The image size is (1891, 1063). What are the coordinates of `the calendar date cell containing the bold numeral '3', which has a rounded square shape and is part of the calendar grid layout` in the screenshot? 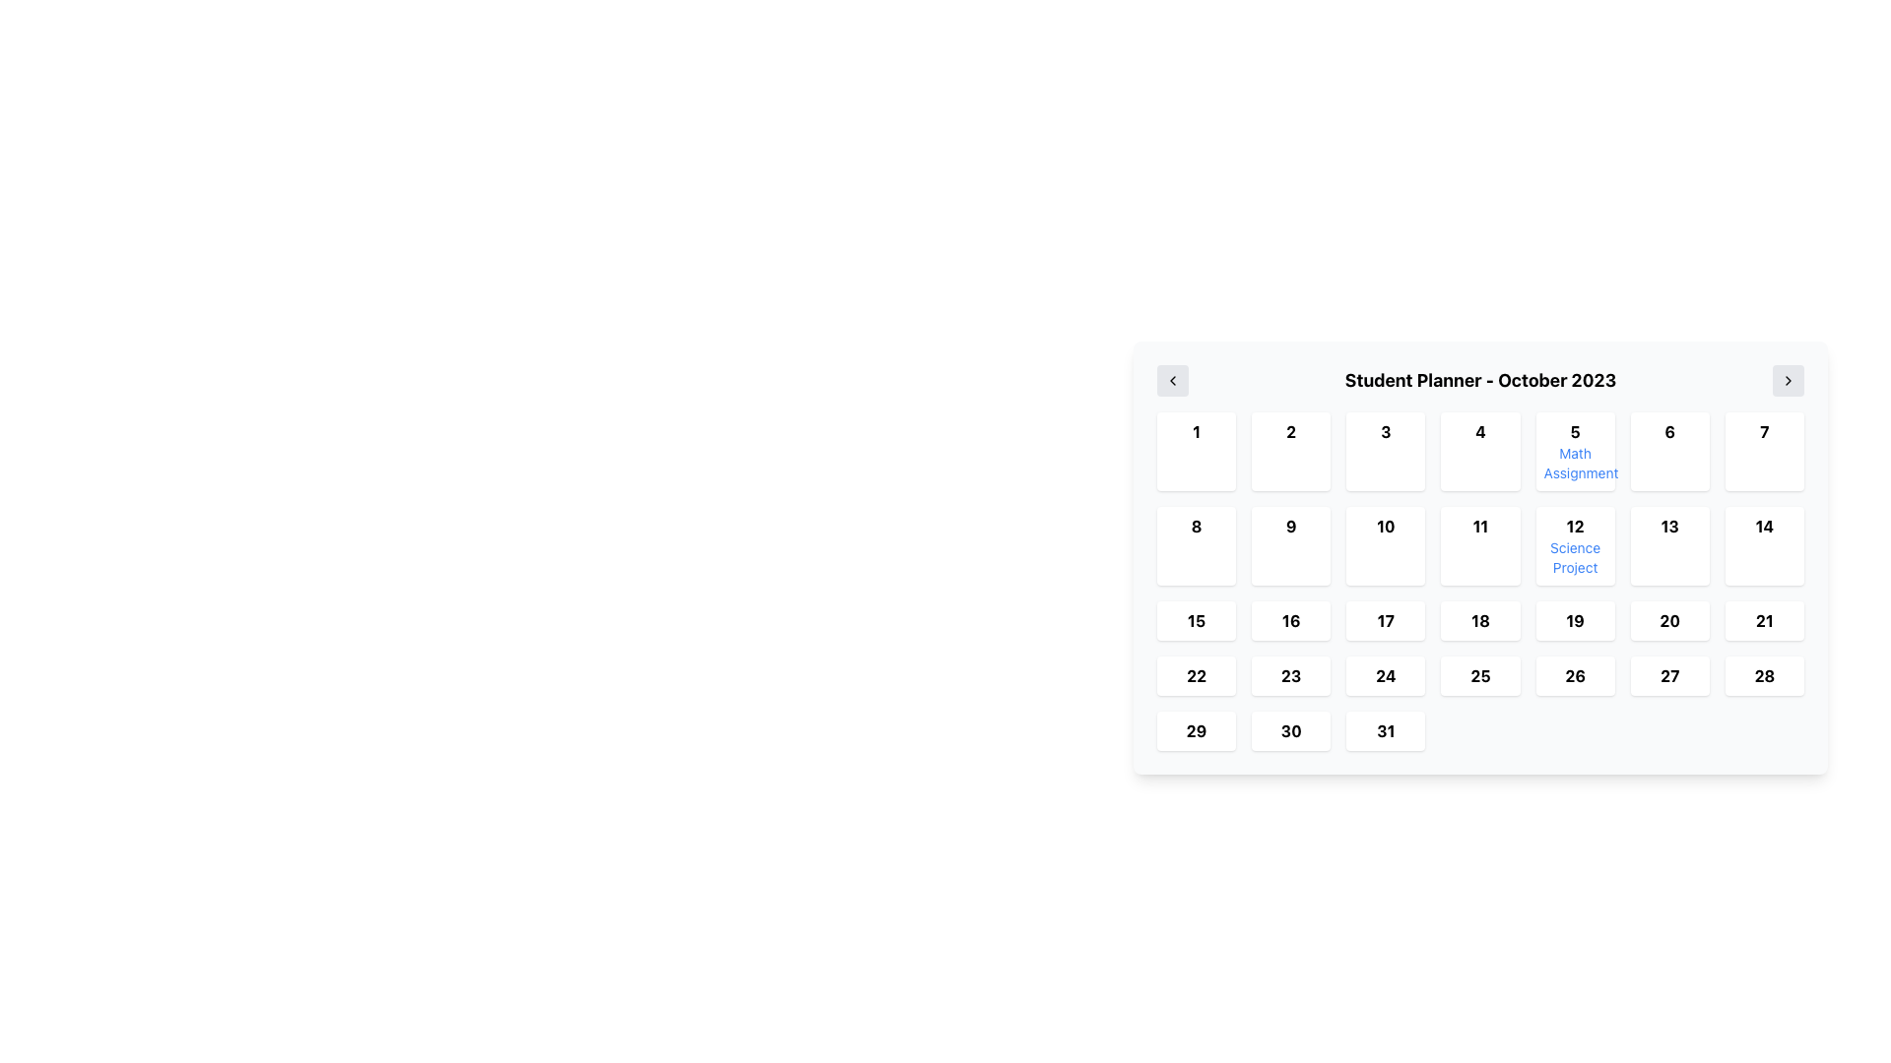 It's located at (1385, 452).